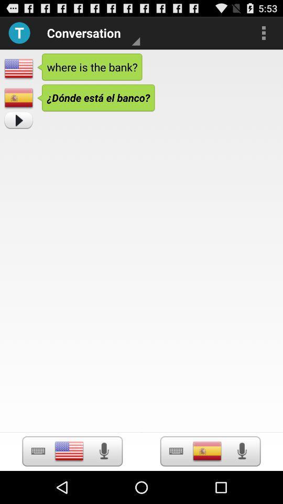  I want to click on the national_flag icon, so click(69, 483).